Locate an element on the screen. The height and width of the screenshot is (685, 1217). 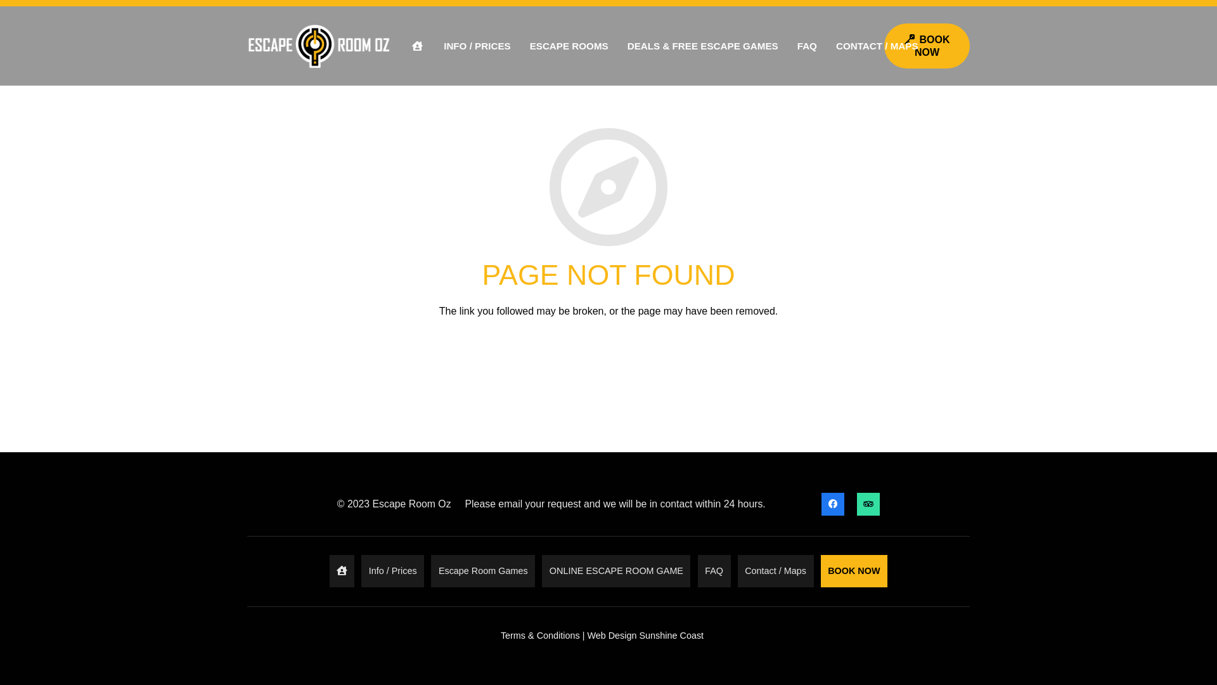
'Info / Prices' is located at coordinates (392, 571).